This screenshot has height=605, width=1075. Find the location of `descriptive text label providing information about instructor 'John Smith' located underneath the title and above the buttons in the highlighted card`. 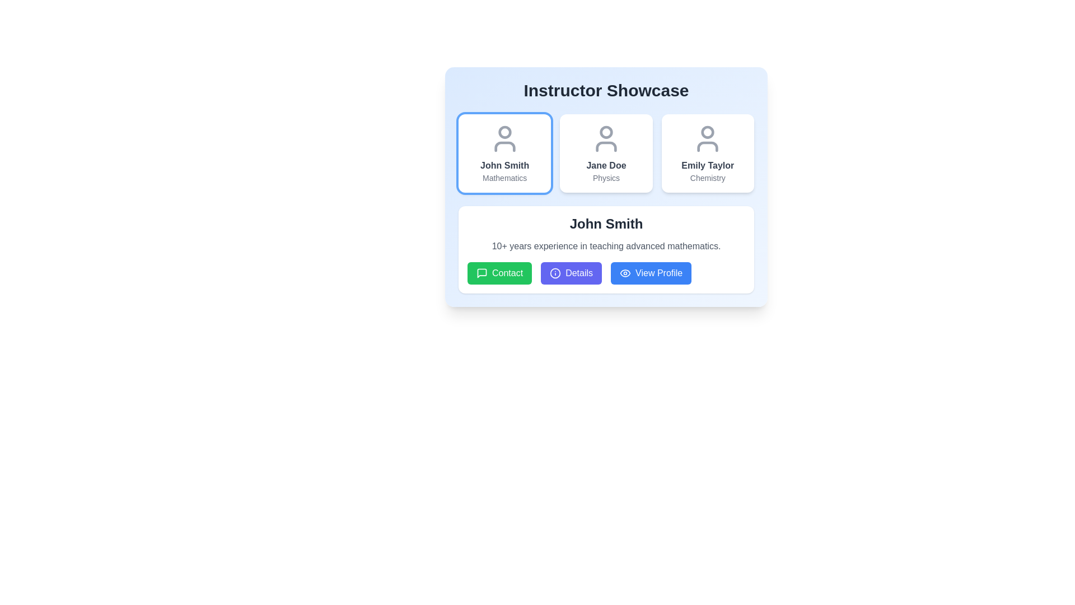

descriptive text label providing information about instructor 'John Smith' located underneath the title and above the buttons in the highlighted card is located at coordinates (606, 245).